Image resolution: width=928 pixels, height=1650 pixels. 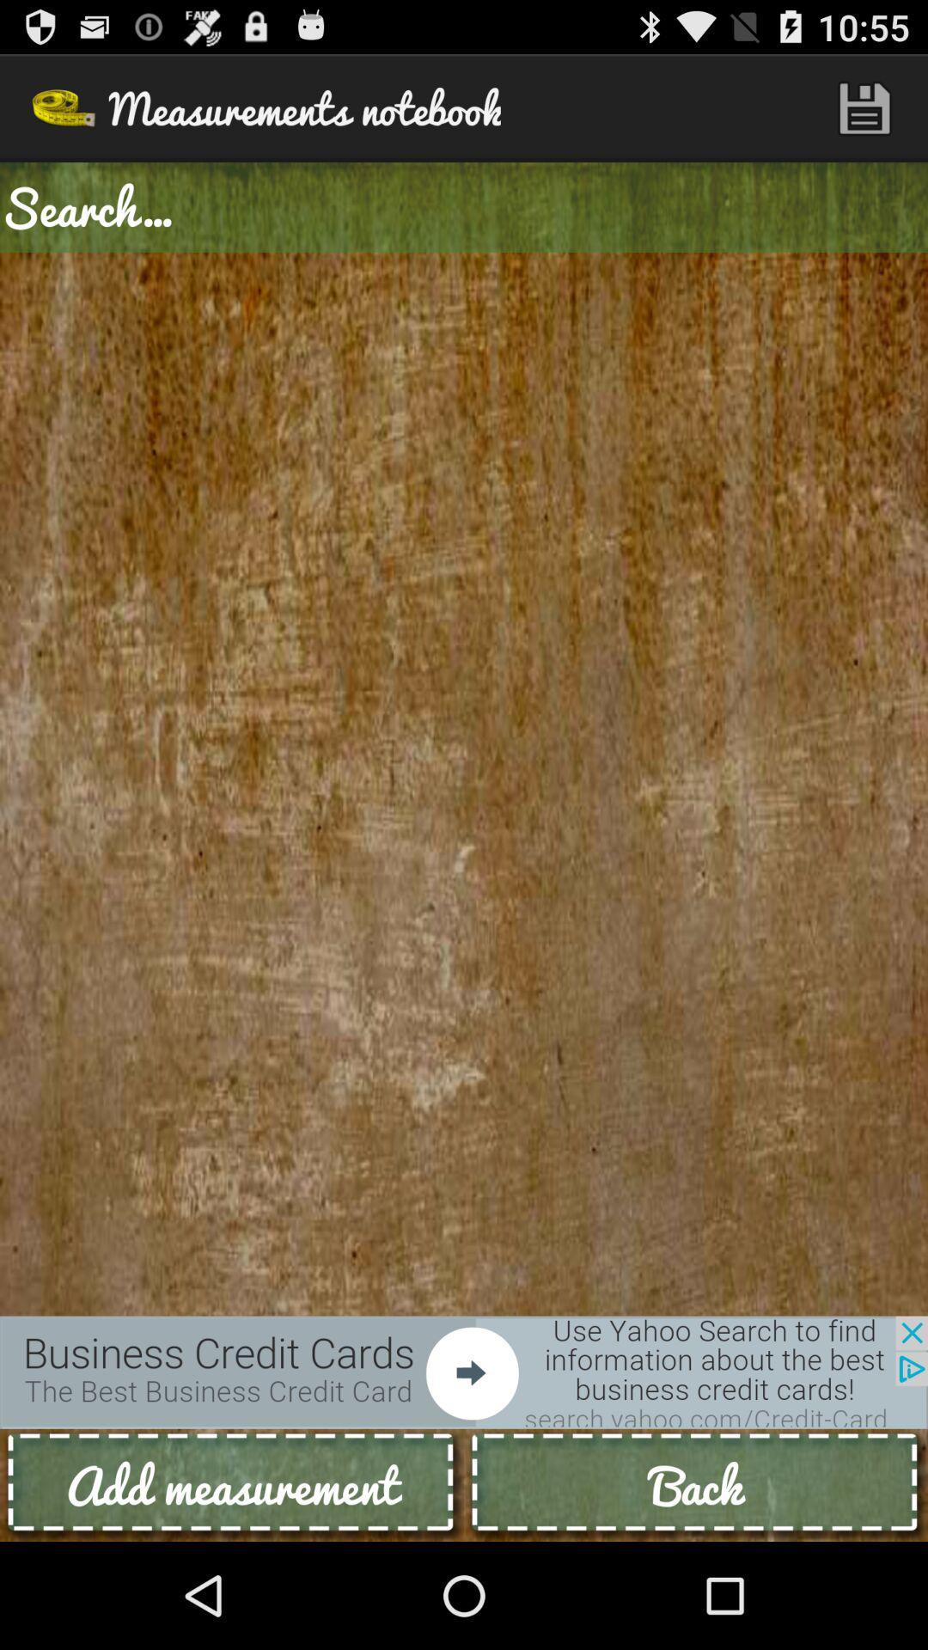 I want to click on search, so click(x=464, y=206).